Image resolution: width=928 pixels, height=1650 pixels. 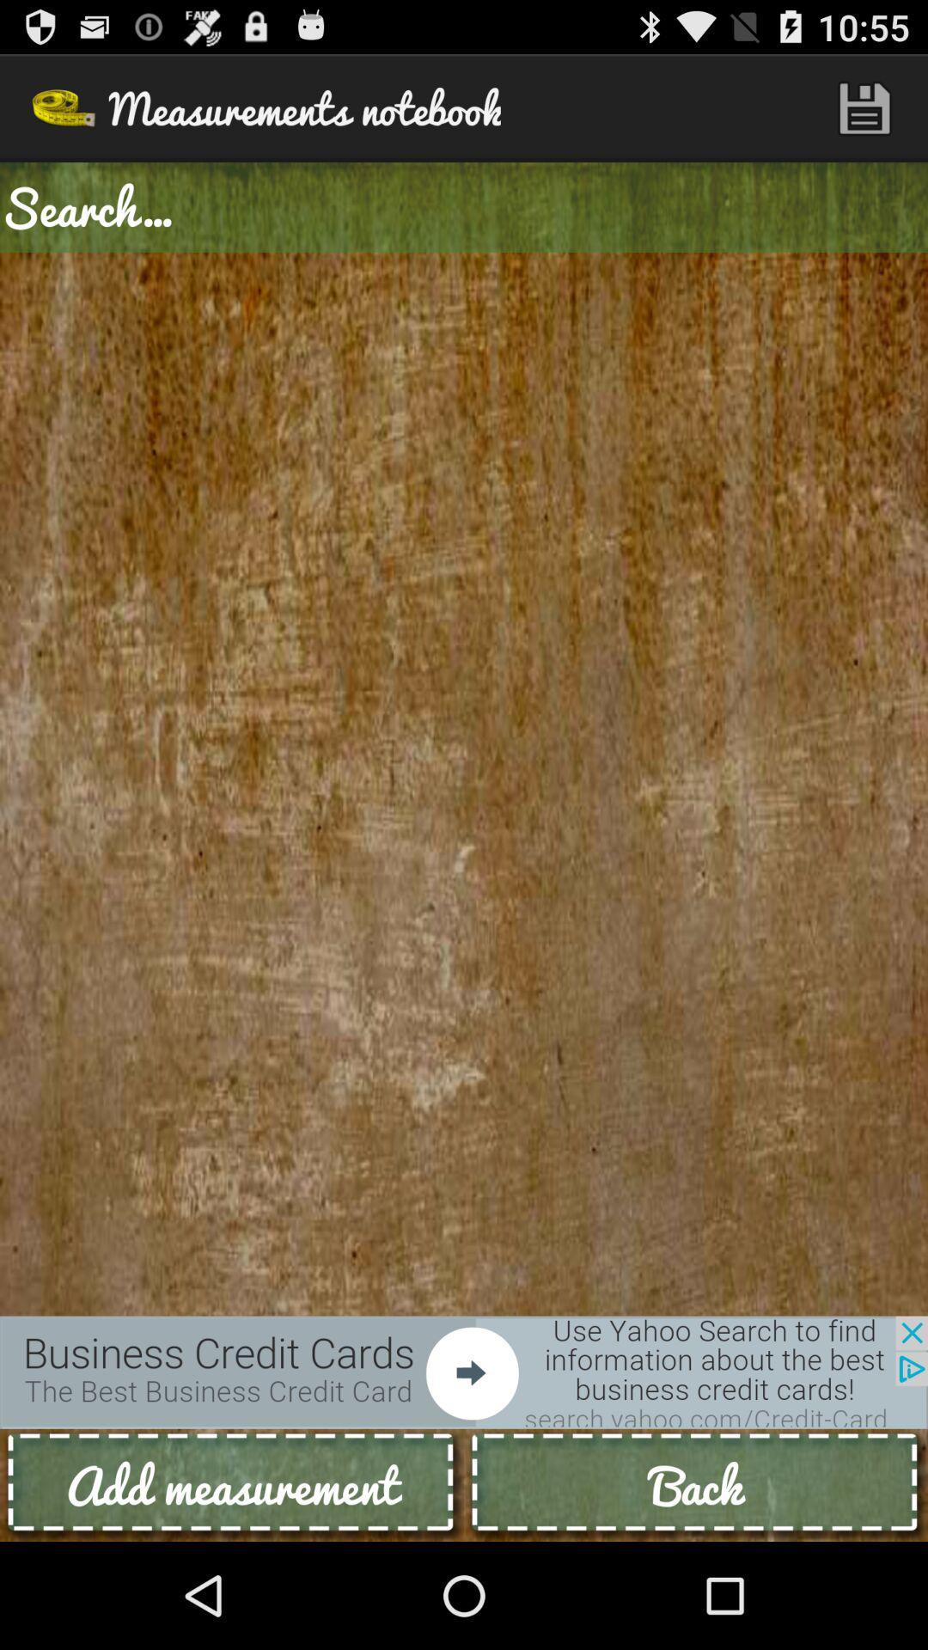 I want to click on search, so click(x=464, y=206).